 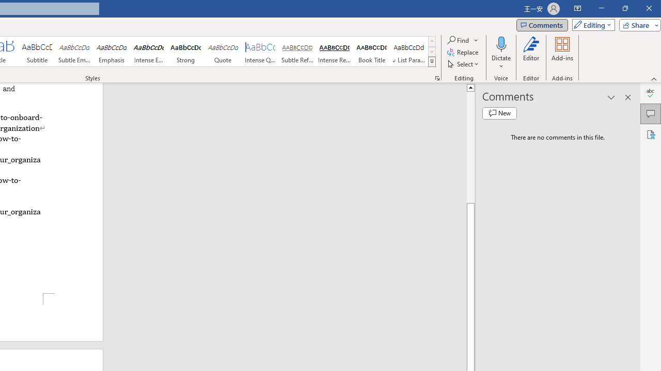 I want to click on 'Class: NetUIImage', so click(x=432, y=61).